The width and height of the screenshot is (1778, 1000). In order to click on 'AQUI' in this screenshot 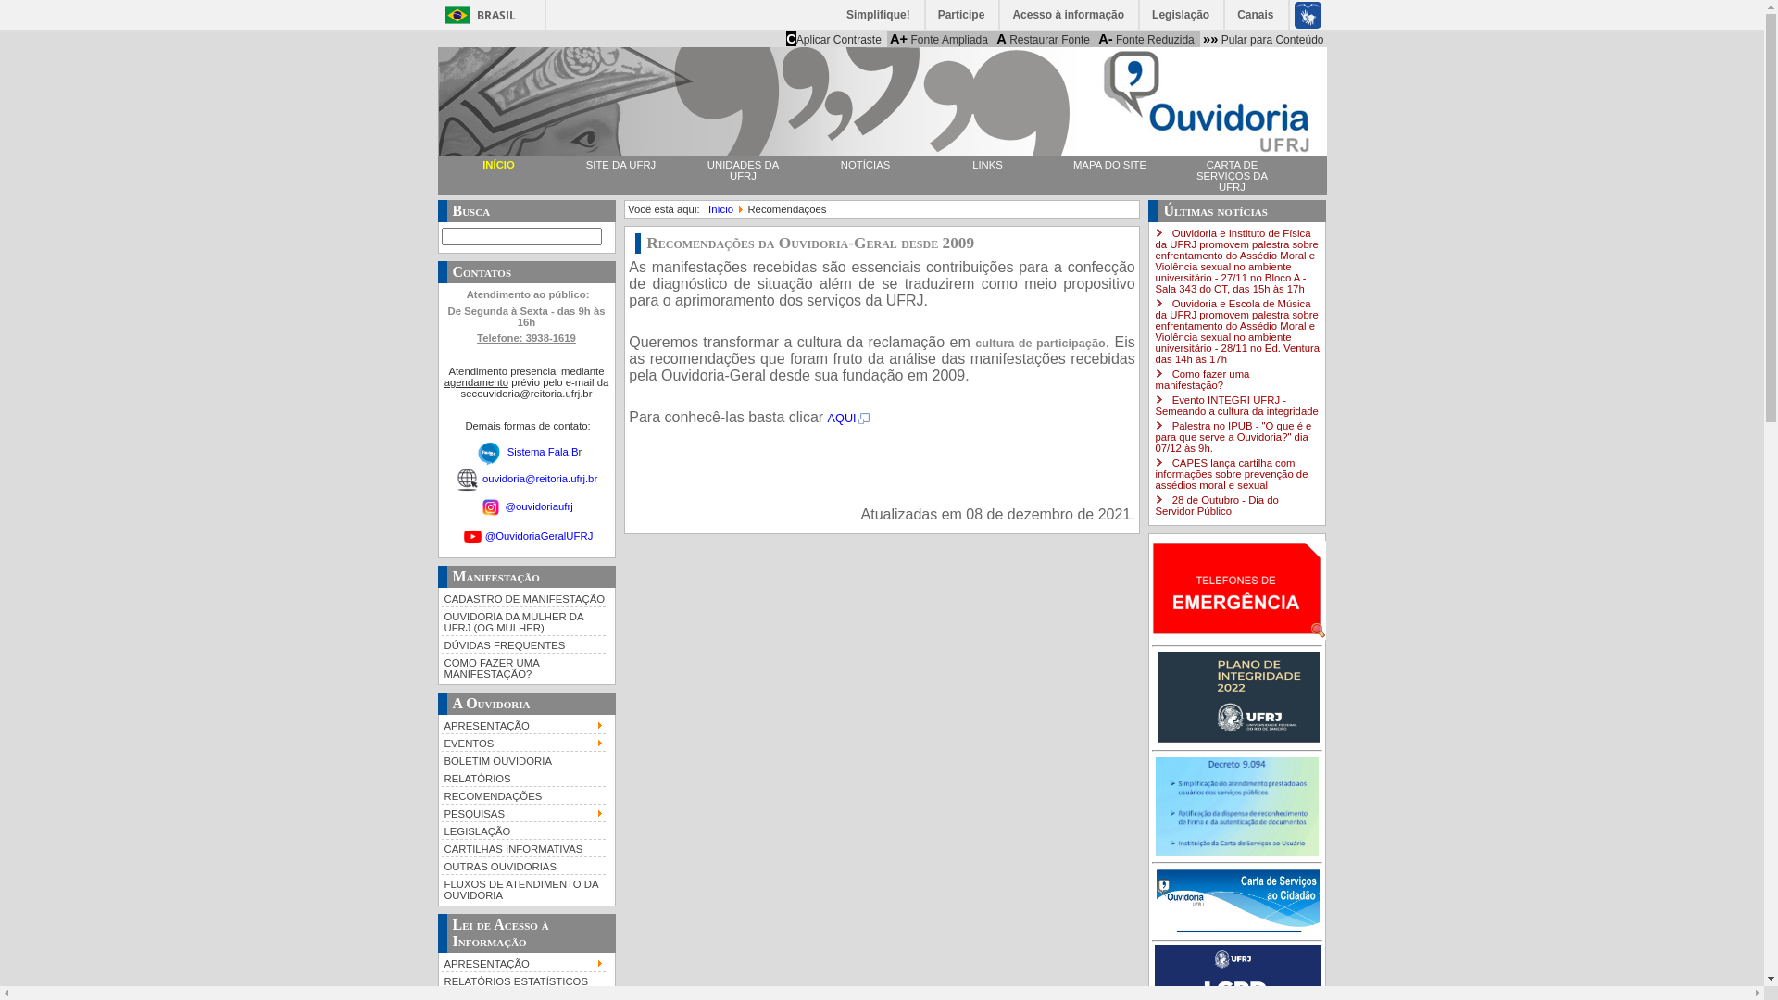, I will do `click(848, 418)`.